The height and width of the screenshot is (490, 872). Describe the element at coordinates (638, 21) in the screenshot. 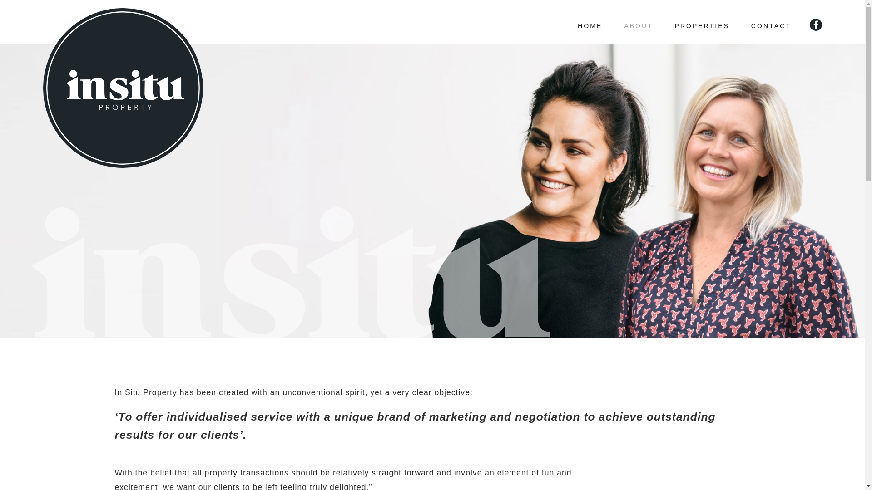

I see `'ABOUT'` at that location.